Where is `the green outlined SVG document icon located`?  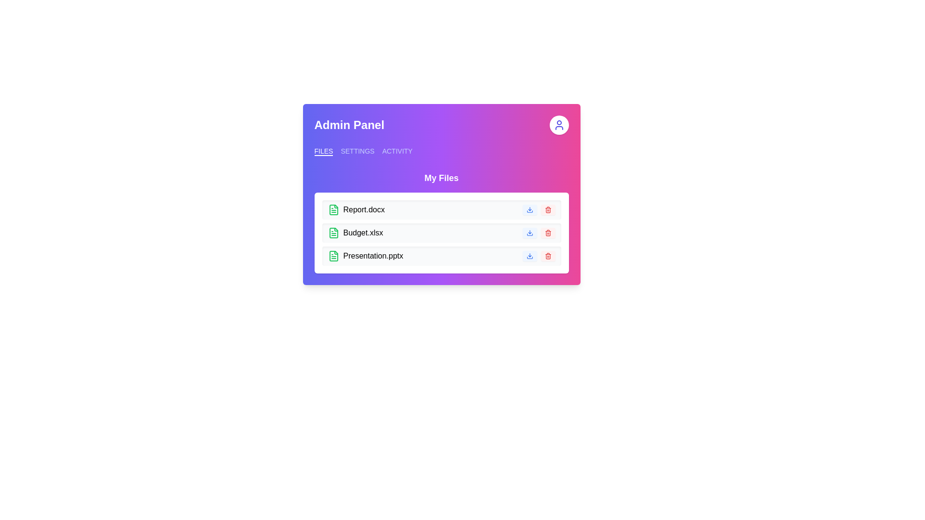 the green outlined SVG document icon located is located at coordinates (333, 233).